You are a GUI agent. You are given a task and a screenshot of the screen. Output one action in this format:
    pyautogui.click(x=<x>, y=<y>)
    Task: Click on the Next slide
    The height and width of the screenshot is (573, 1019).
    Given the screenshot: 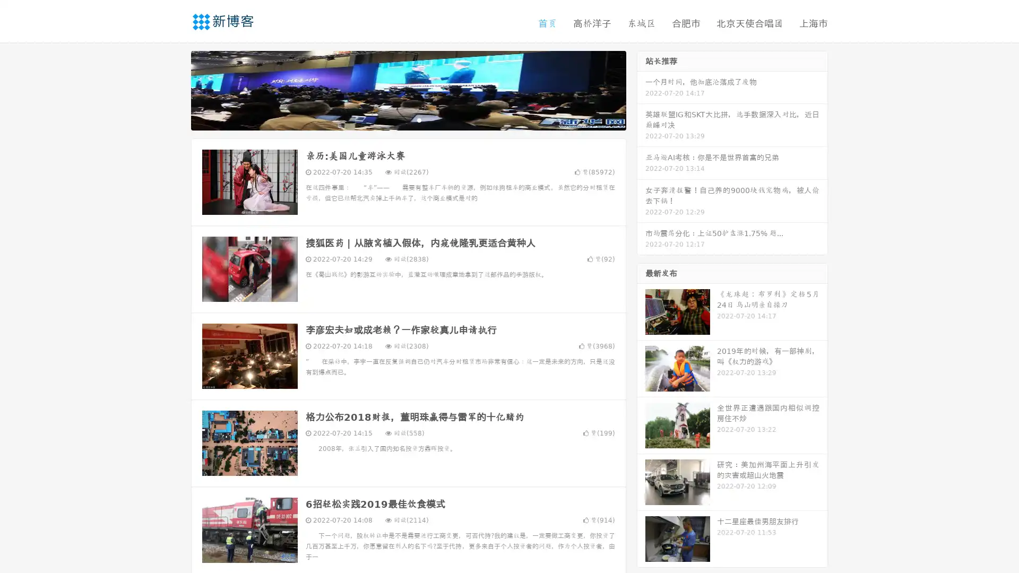 What is the action you would take?
    pyautogui.click(x=641, y=89)
    